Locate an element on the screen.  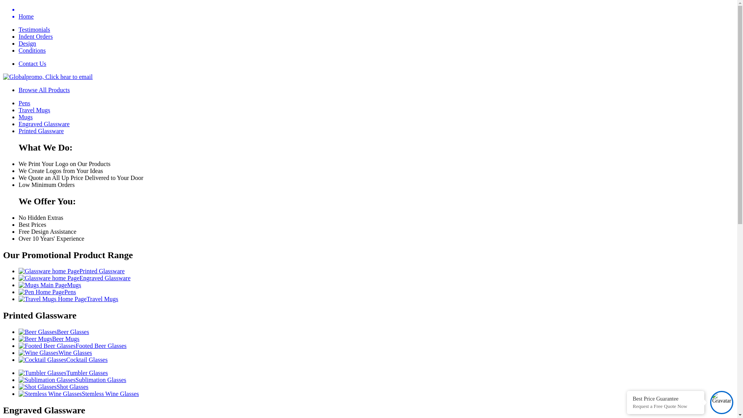
'Browse All Products' is located at coordinates (19, 89).